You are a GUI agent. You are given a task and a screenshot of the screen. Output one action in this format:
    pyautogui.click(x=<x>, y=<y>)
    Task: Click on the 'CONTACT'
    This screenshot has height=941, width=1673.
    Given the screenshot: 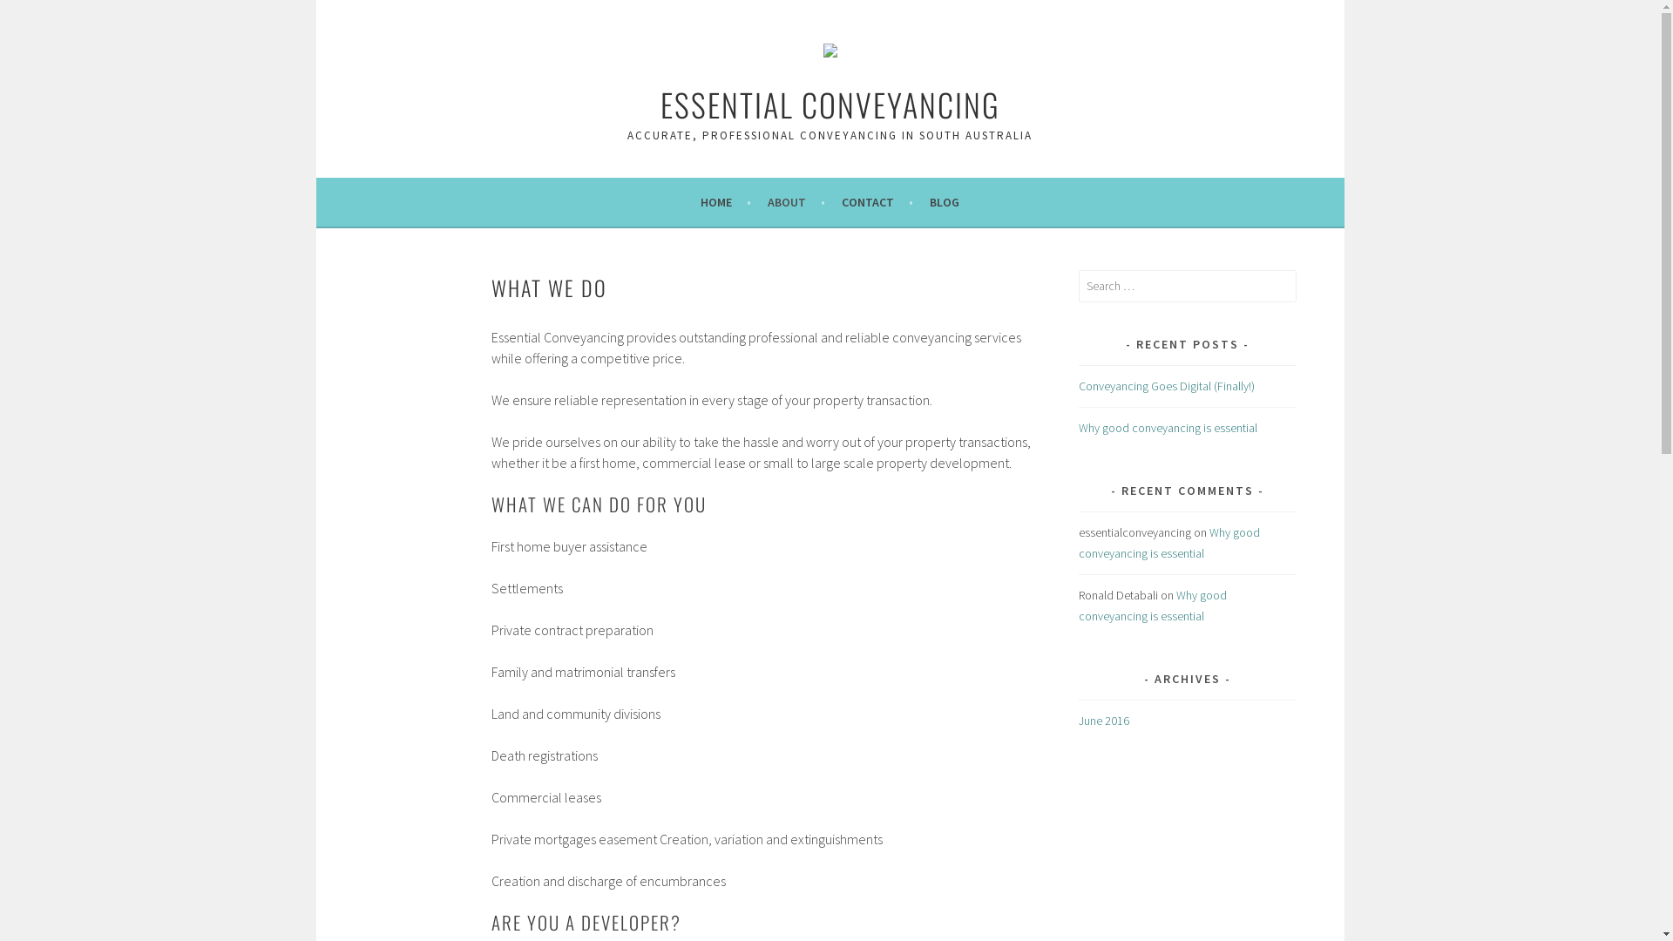 What is the action you would take?
    pyautogui.click(x=877, y=200)
    